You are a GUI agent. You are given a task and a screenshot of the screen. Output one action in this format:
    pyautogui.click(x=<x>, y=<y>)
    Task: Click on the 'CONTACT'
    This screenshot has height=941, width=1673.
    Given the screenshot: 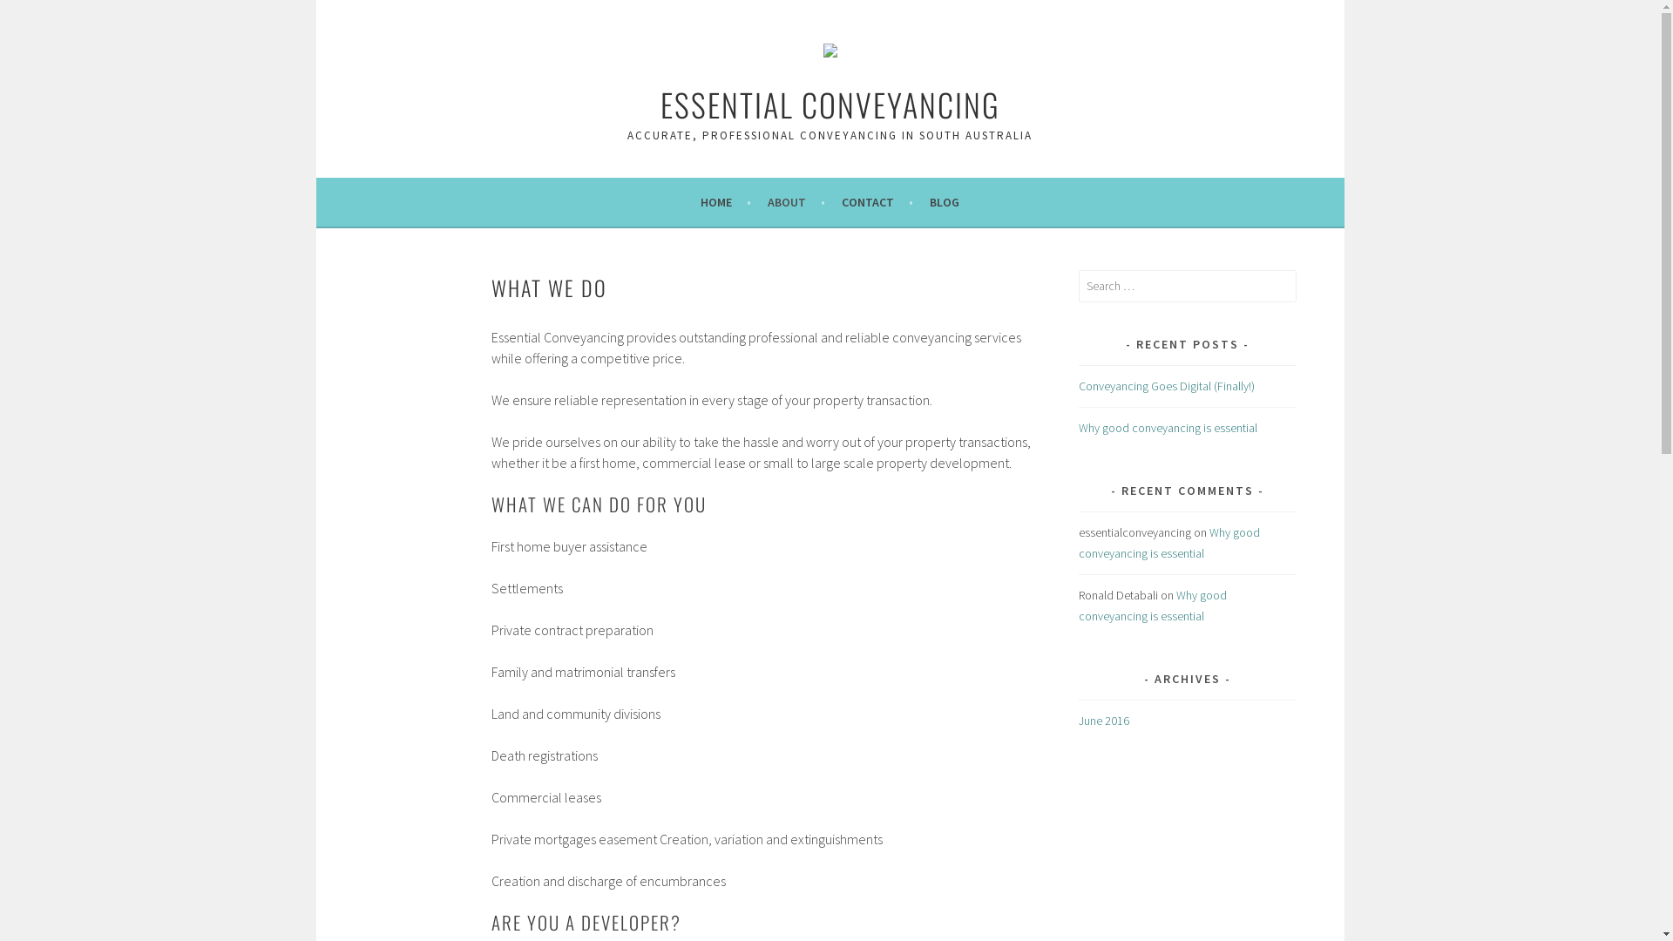 What is the action you would take?
    pyautogui.click(x=877, y=200)
    